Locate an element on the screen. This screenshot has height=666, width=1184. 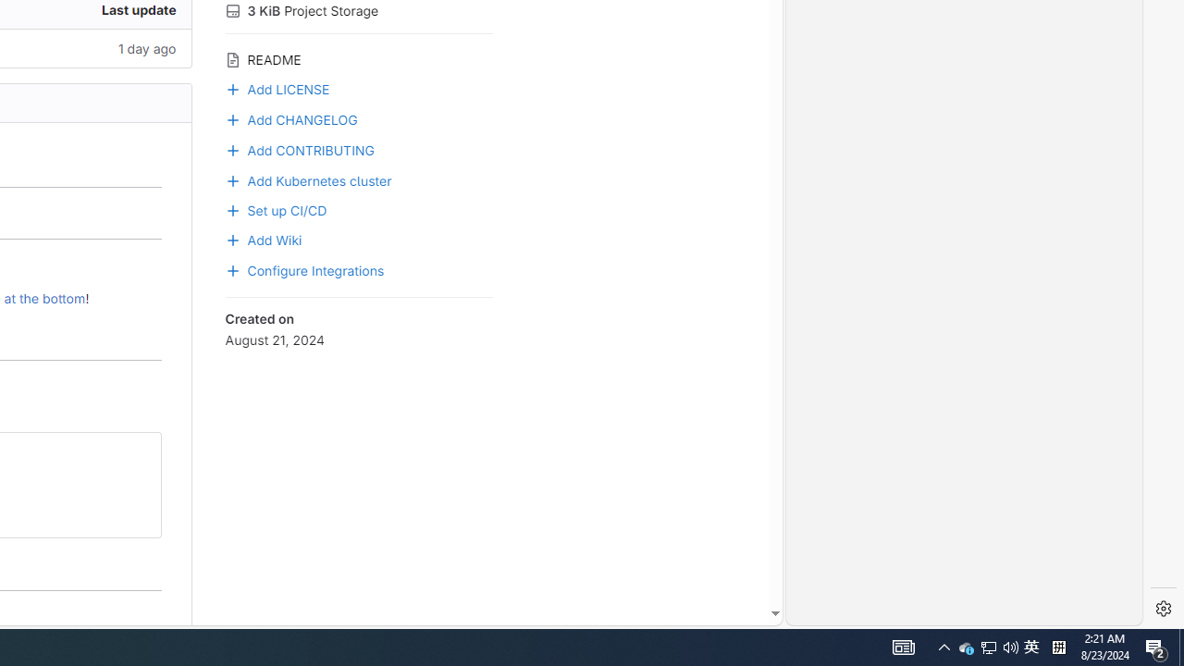
'Add Kubernetes cluster' is located at coordinates (308, 179).